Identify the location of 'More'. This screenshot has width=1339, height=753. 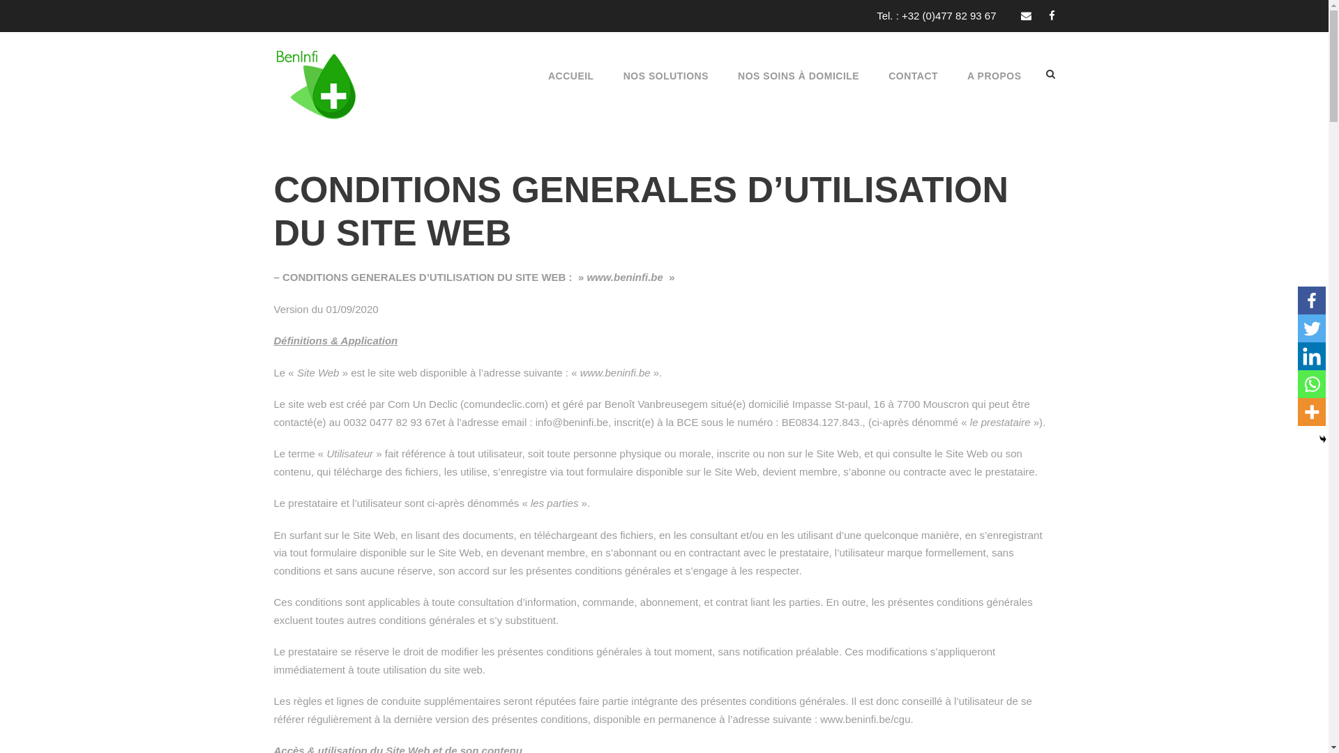
(1311, 411).